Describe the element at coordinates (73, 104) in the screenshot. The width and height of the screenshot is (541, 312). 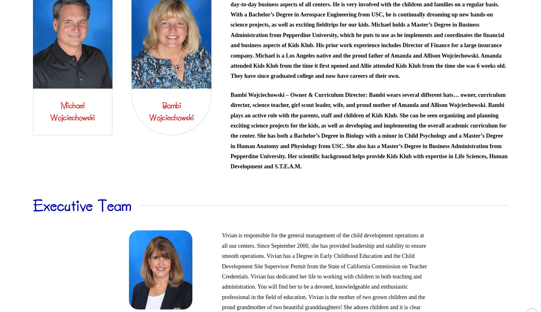
I see `'Michael'` at that location.